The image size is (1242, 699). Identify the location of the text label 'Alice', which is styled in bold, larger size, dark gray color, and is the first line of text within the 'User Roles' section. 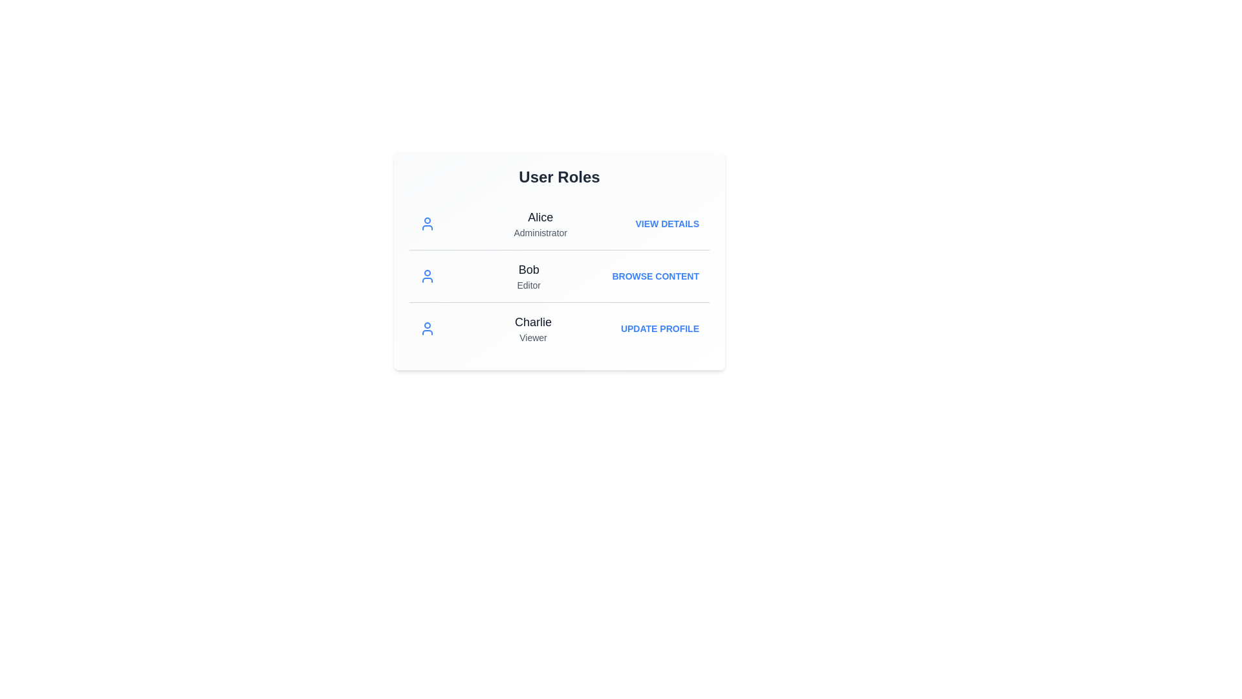
(540, 216).